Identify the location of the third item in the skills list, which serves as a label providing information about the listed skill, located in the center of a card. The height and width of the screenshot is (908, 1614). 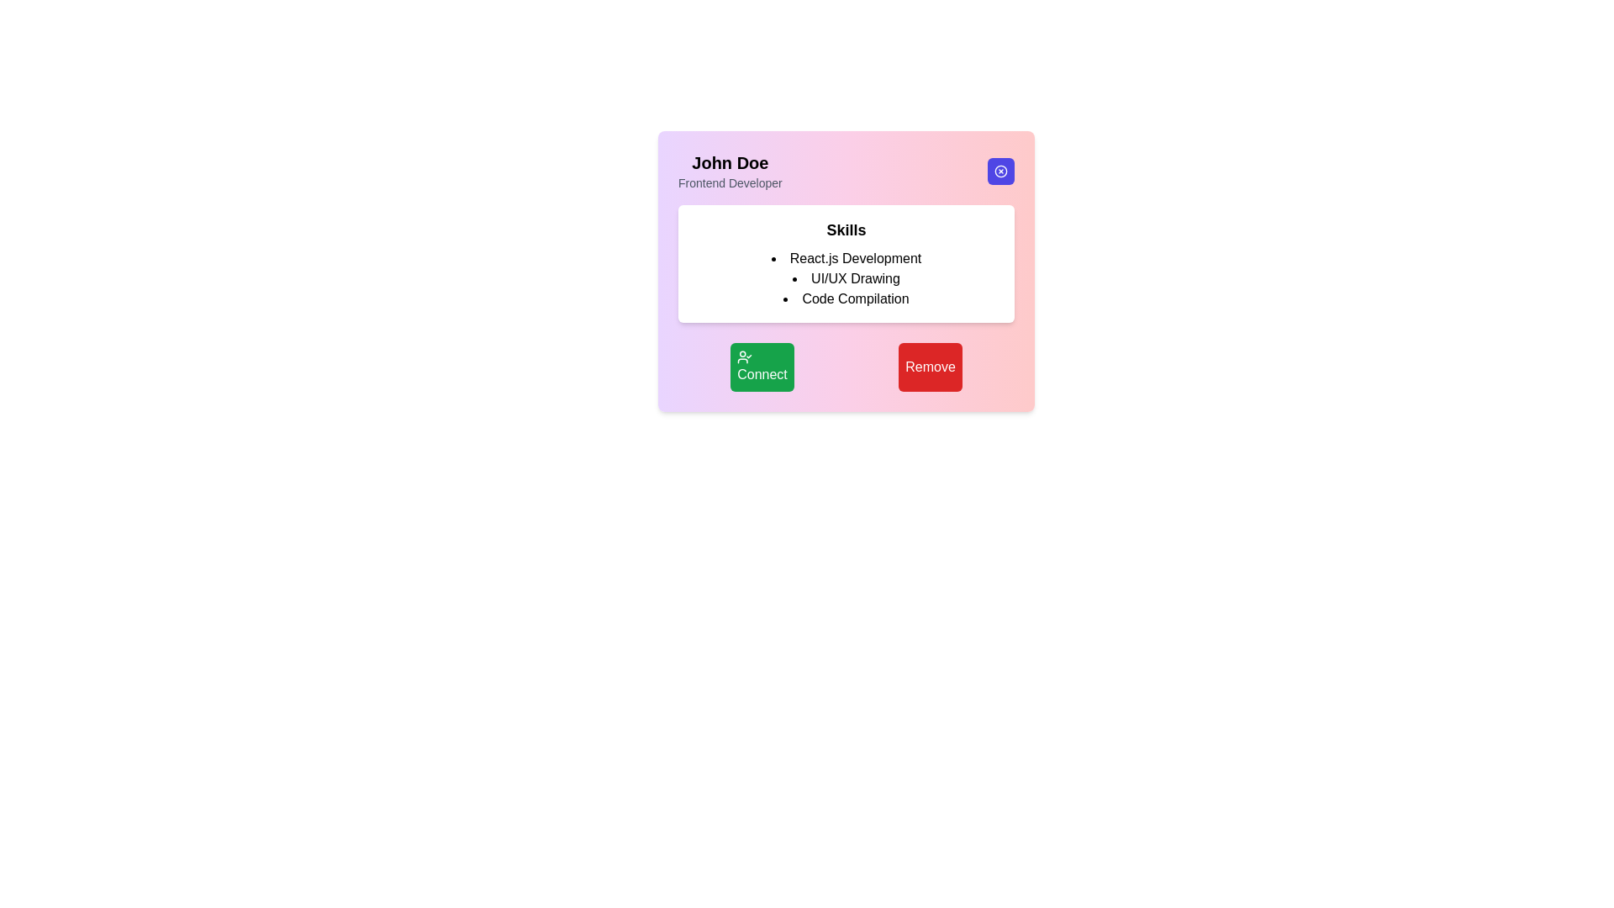
(847, 298).